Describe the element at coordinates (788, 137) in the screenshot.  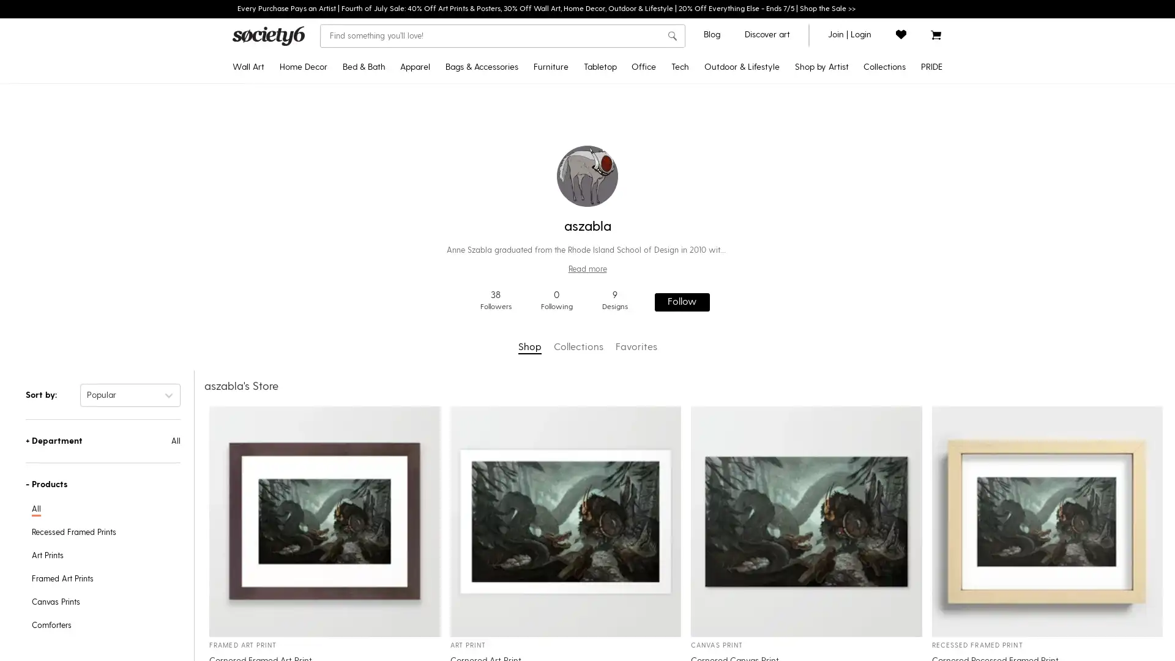
I see `Pixar` at that location.